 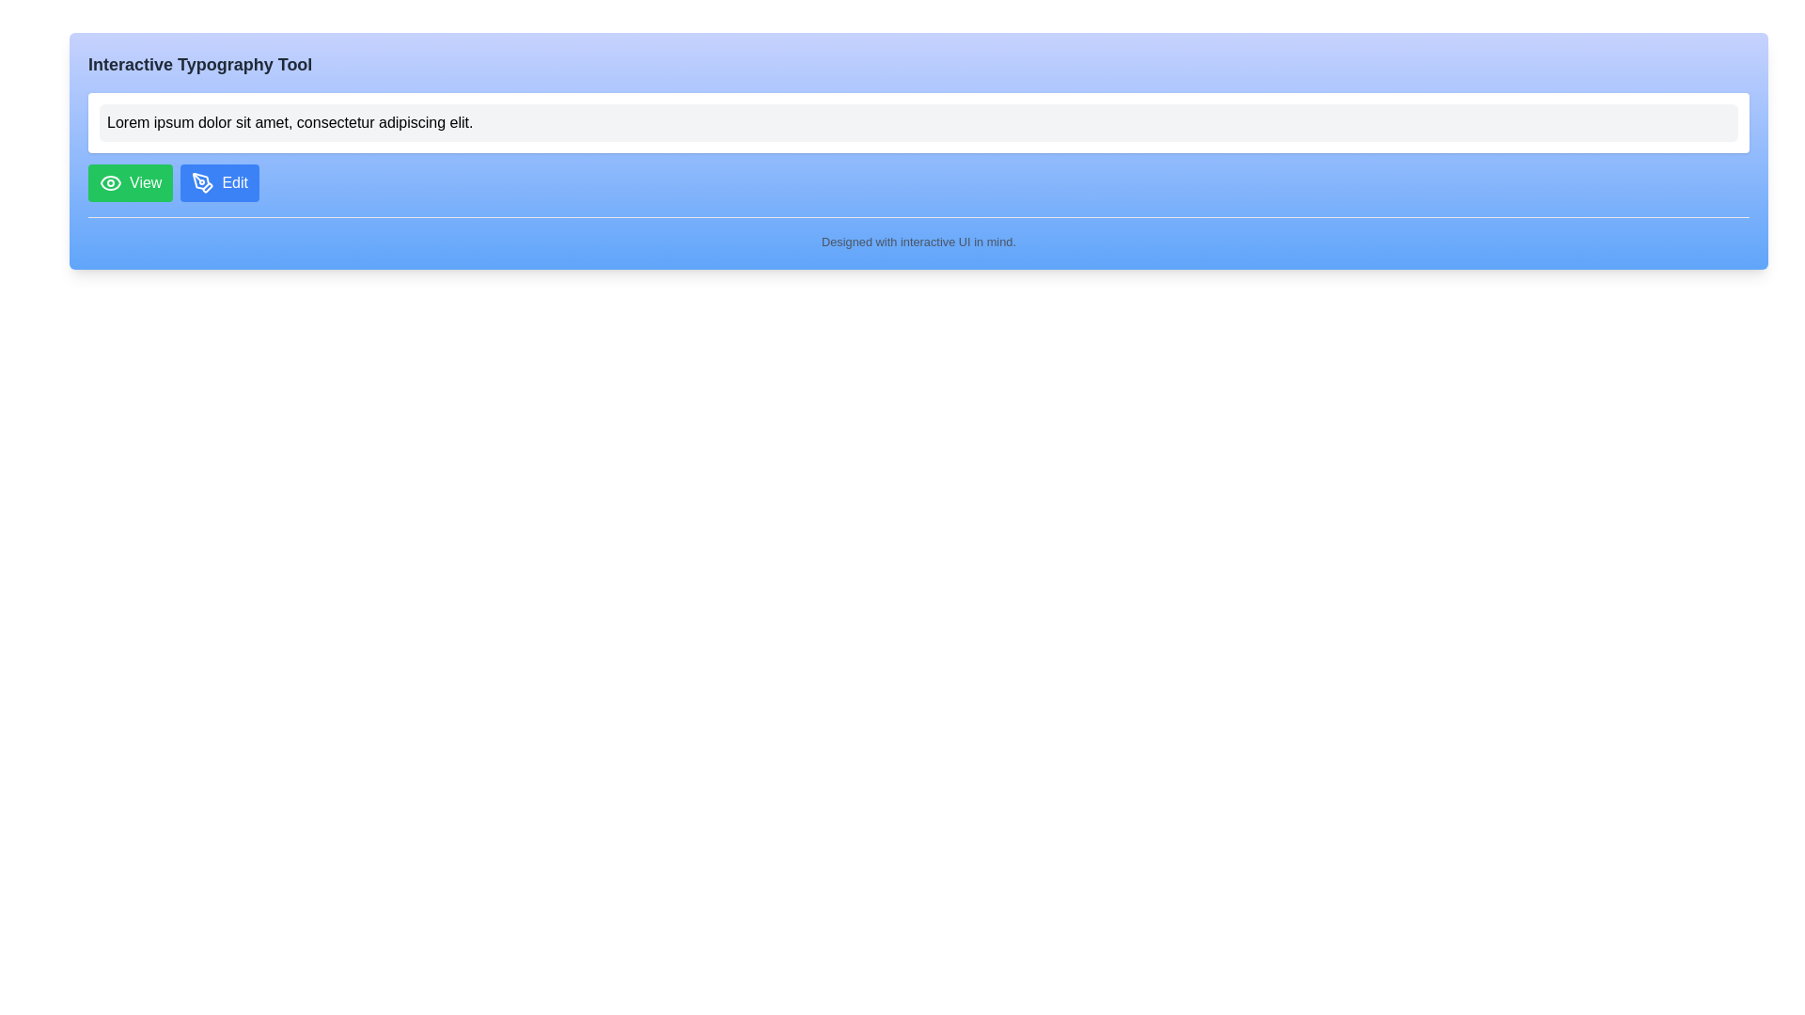 I want to click on the static text element located near the bottom of the visible interface section, below a horizontal rule and above a margin space, so click(x=918, y=241).